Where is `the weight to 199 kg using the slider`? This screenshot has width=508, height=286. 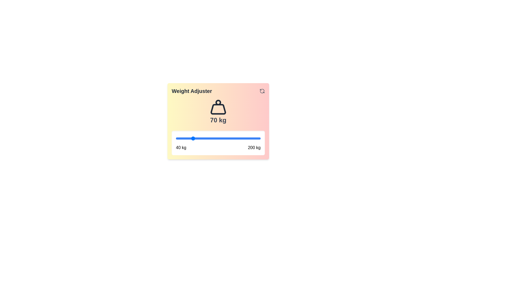
the weight to 199 kg using the slider is located at coordinates (260, 138).